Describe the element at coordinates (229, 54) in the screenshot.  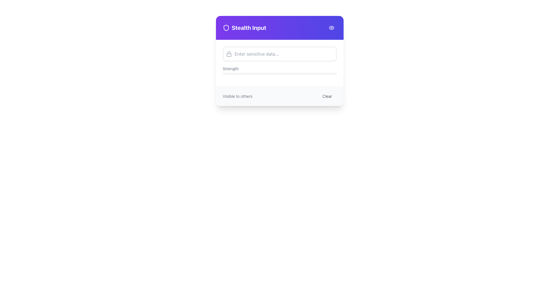
I see `the lock icon element which is a graphical hint for data security, located to the left of the text input field labeled 'Enter sensitive data...'` at that location.